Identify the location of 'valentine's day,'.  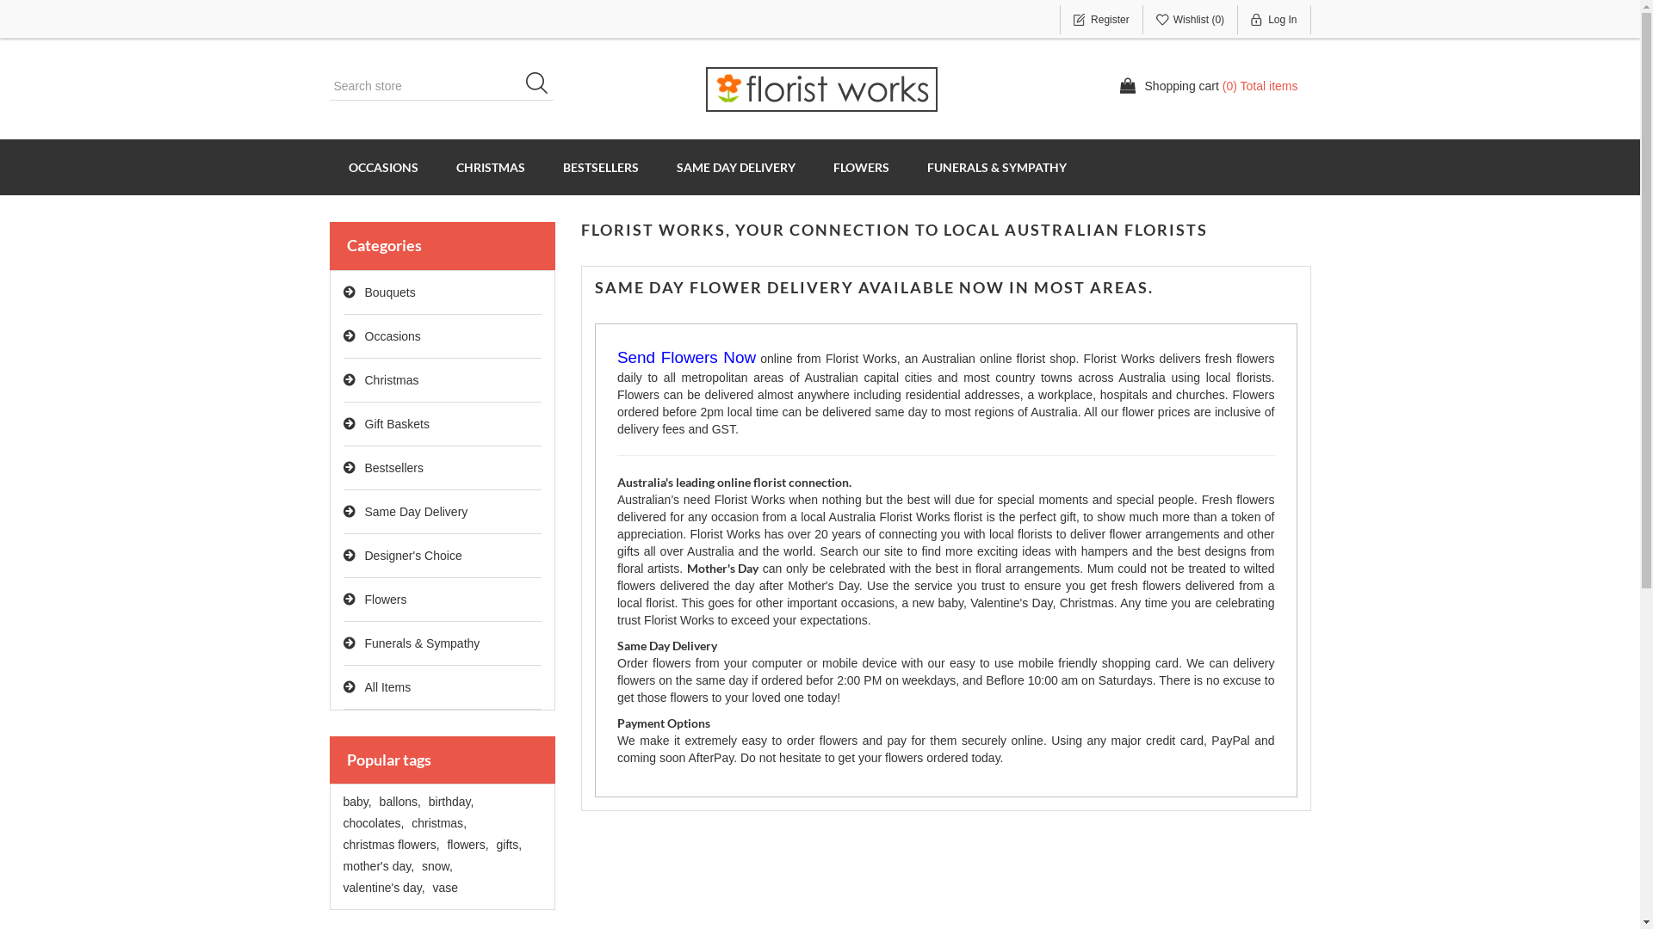
(343, 888).